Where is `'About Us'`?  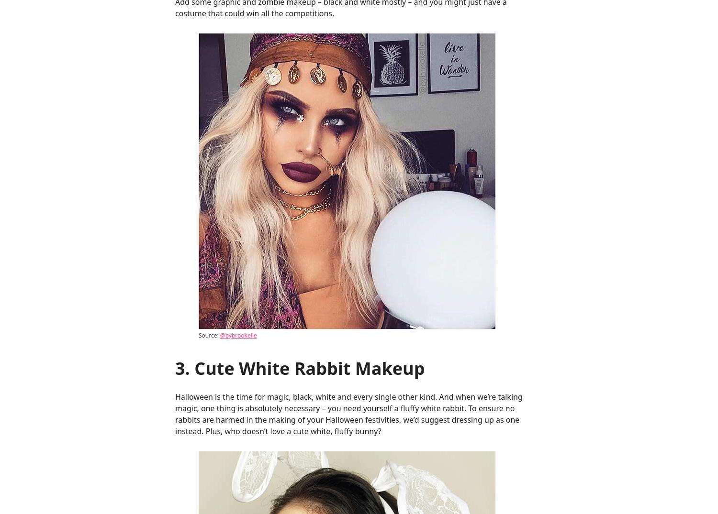
'About Us' is located at coordinates (458, 43).